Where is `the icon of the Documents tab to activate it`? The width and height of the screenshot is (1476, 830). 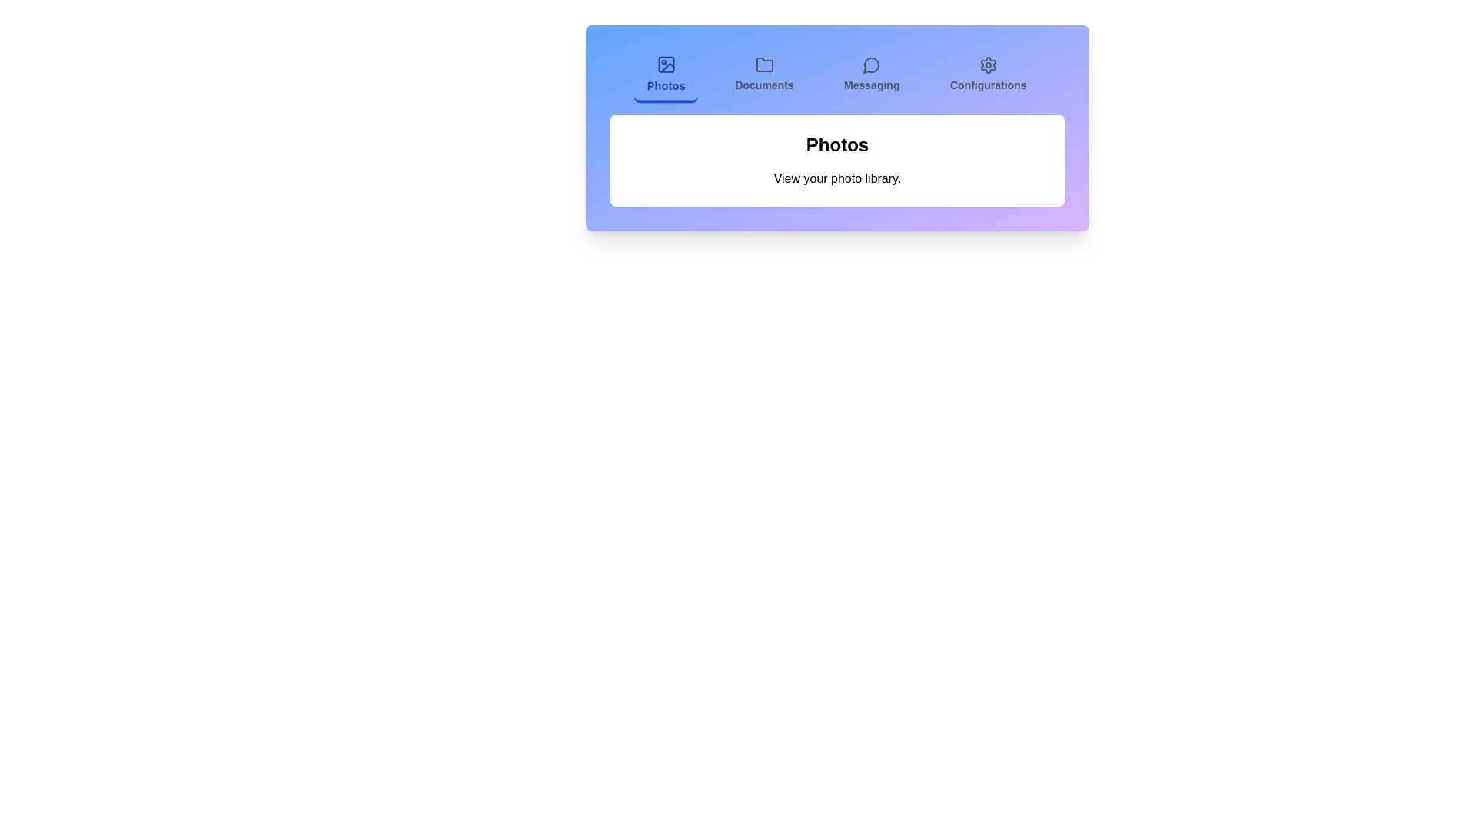 the icon of the Documents tab to activate it is located at coordinates (763, 64).